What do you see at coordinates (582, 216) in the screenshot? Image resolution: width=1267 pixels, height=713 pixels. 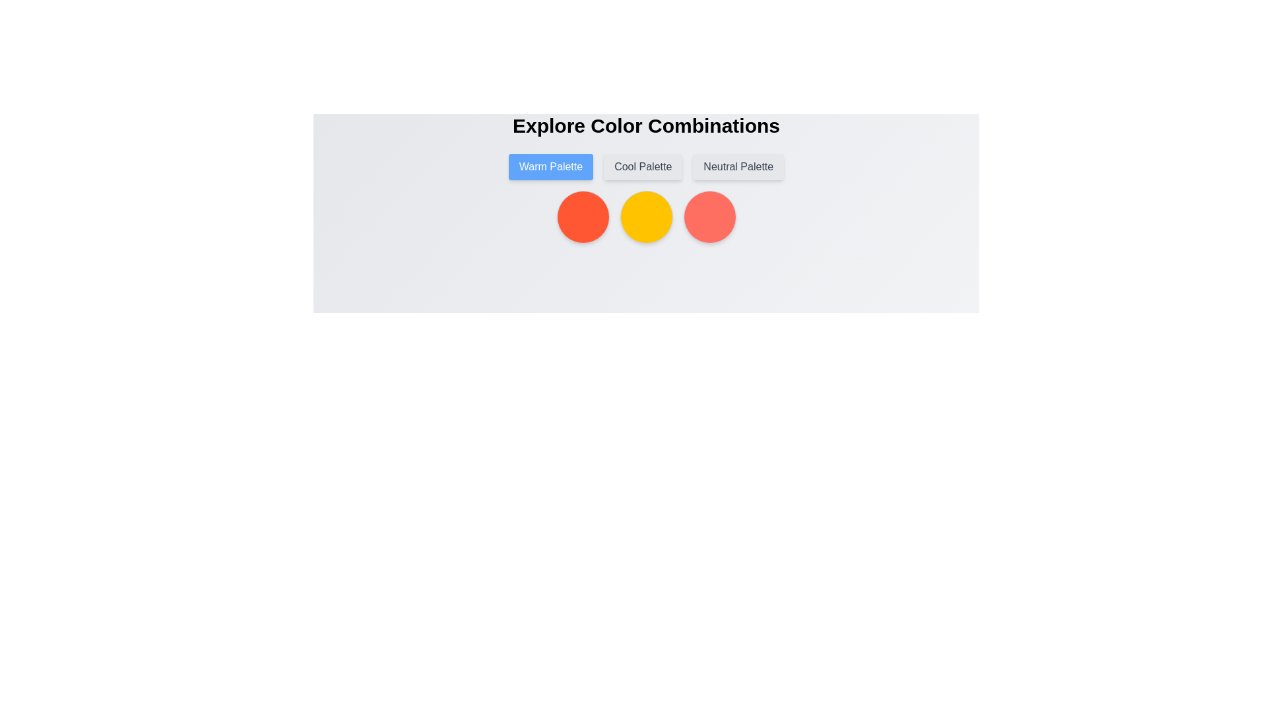 I see `the first circular color swatch in the warm-toned palette located directly below the 'Warm Palette' button` at bounding box center [582, 216].